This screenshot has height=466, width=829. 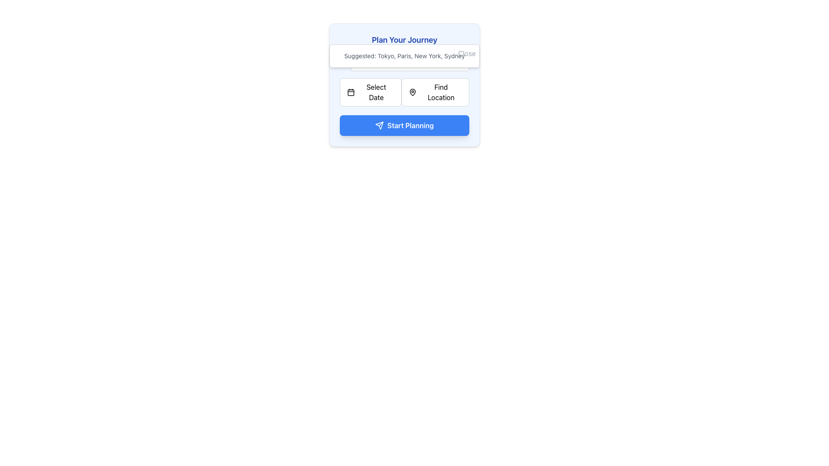 I want to click on the grayish SVG circle that is part of the magnifying glass icon located in the upper-left quadrant of the interface, specifically inside the input suggestion box under the header 'Plan Your Journey', so click(x=343, y=61).